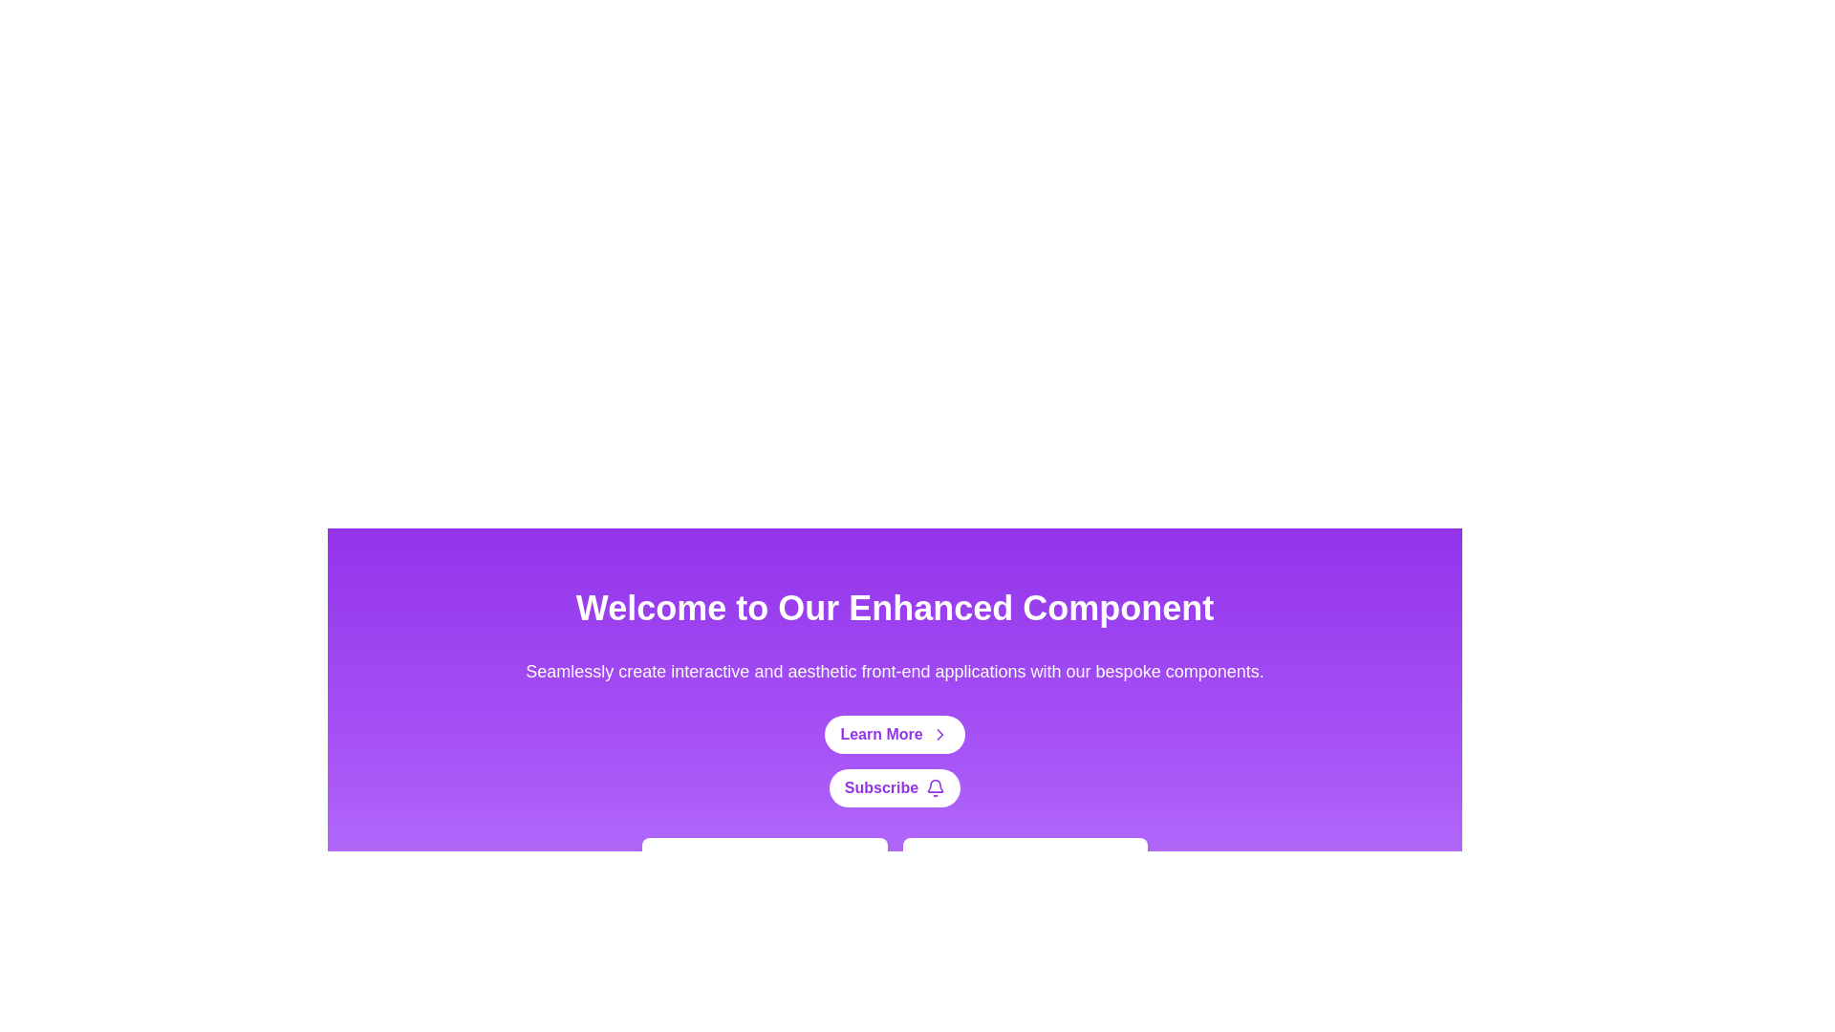 This screenshot has height=1032, width=1835. I want to click on the small right-facing chevron icon with a purple outline located to the right of the 'Learn More' text within a button, so click(939, 733).